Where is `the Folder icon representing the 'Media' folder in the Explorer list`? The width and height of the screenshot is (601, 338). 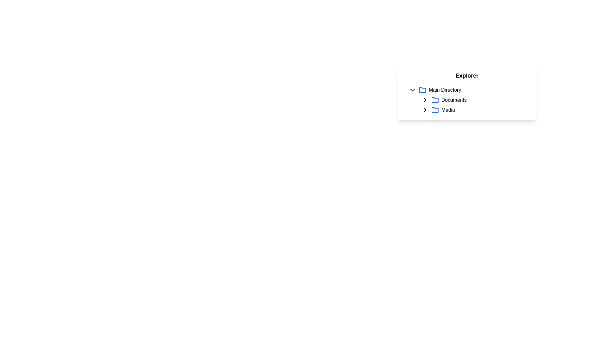
the Folder icon representing the 'Media' folder in the Explorer list is located at coordinates (435, 110).